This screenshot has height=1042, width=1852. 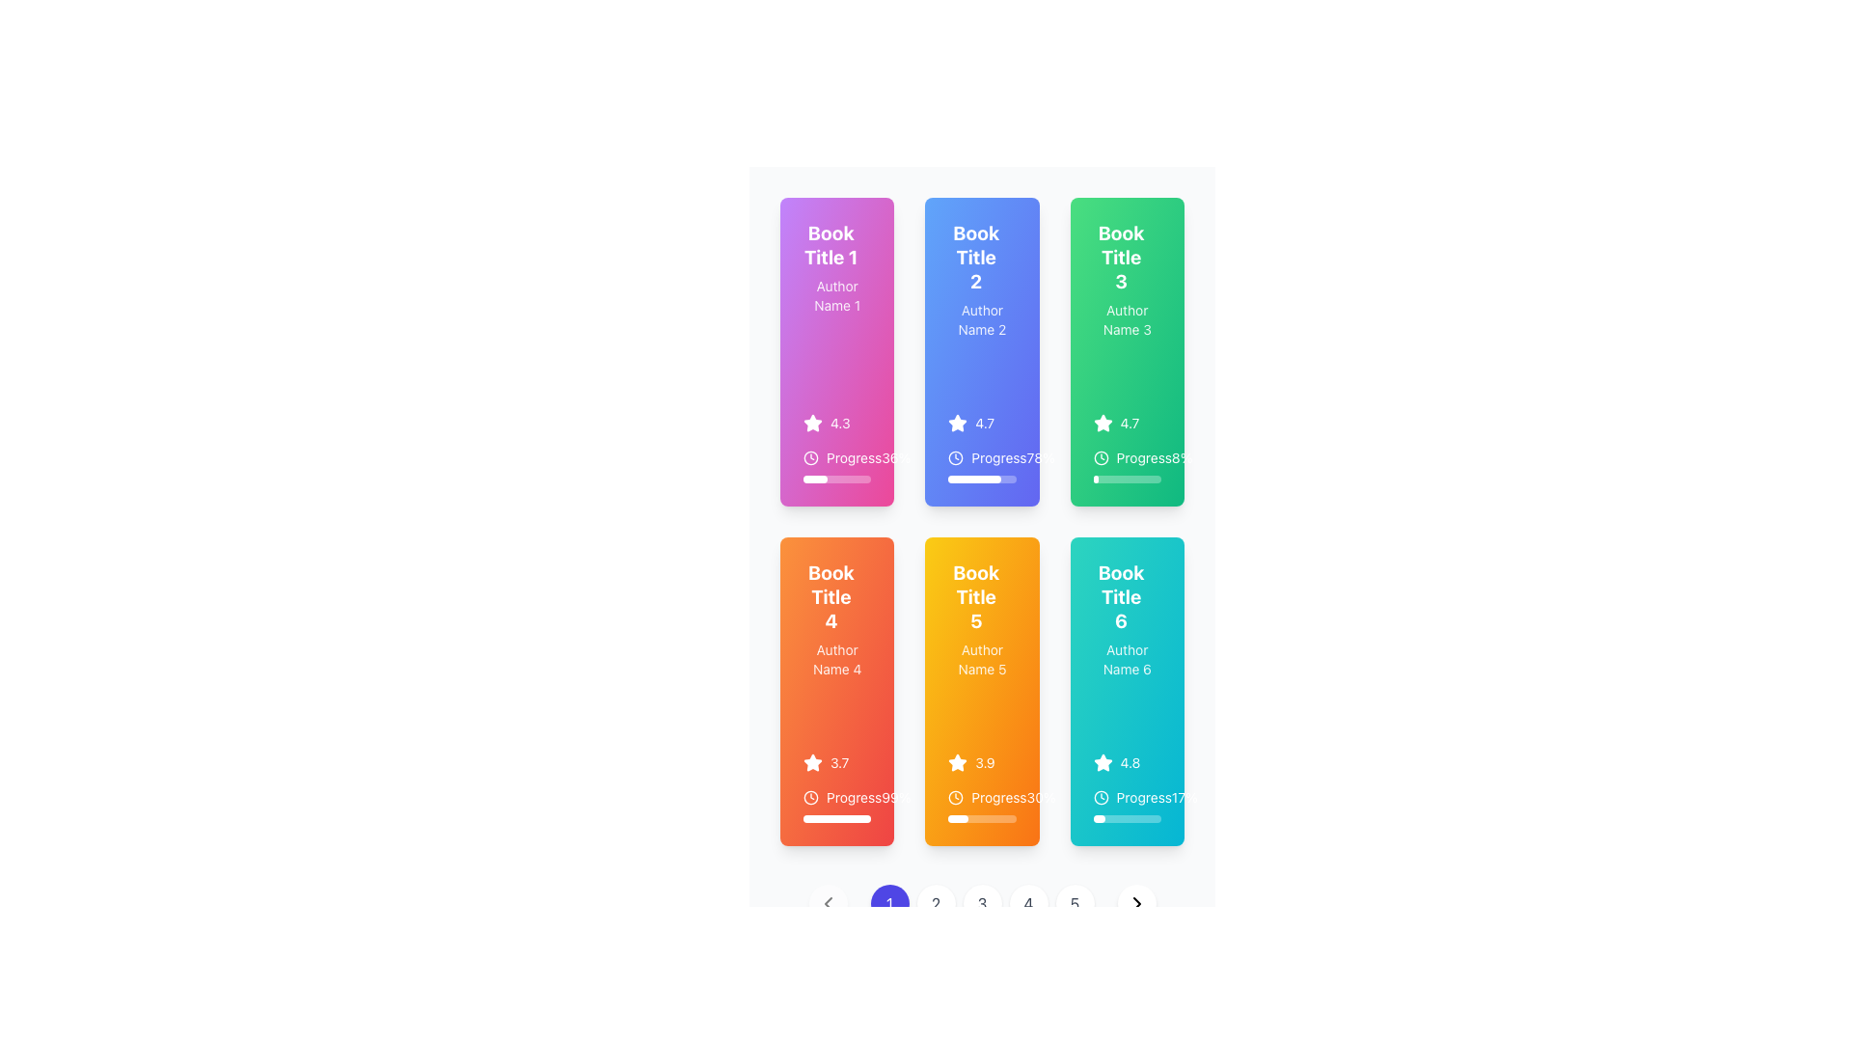 What do you see at coordinates (1127, 658) in the screenshot?
I see `the Text label displaying the author's name associated with the book in the card, located in the third column of the second row, just below 'Book Title 6'` at bounding box center [1127, 658].